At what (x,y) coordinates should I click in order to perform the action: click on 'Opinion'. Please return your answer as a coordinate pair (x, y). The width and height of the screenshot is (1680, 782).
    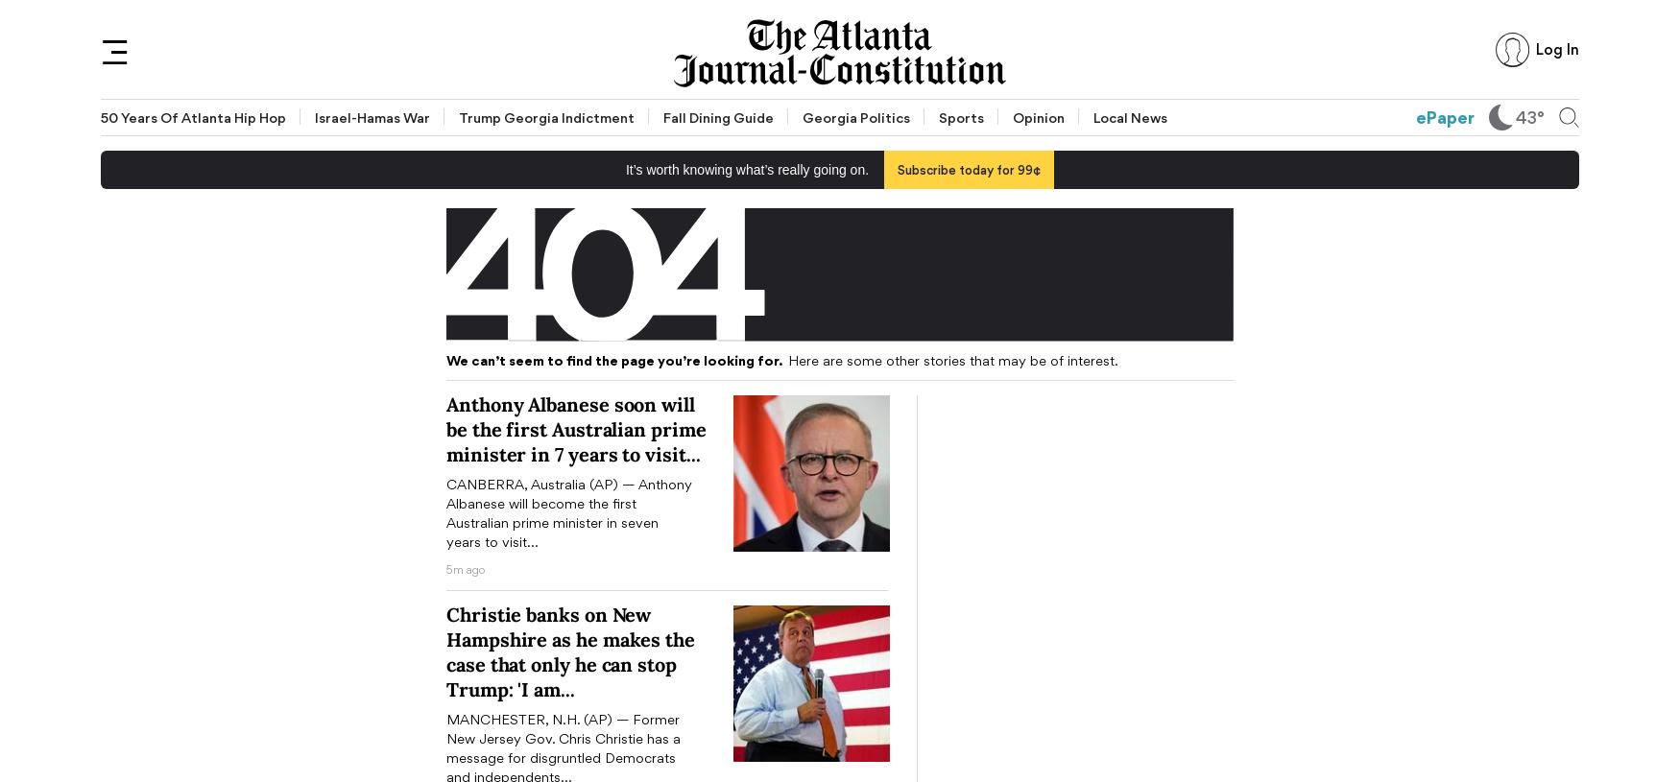
    Looking at the image, I should click on (1039, 116).